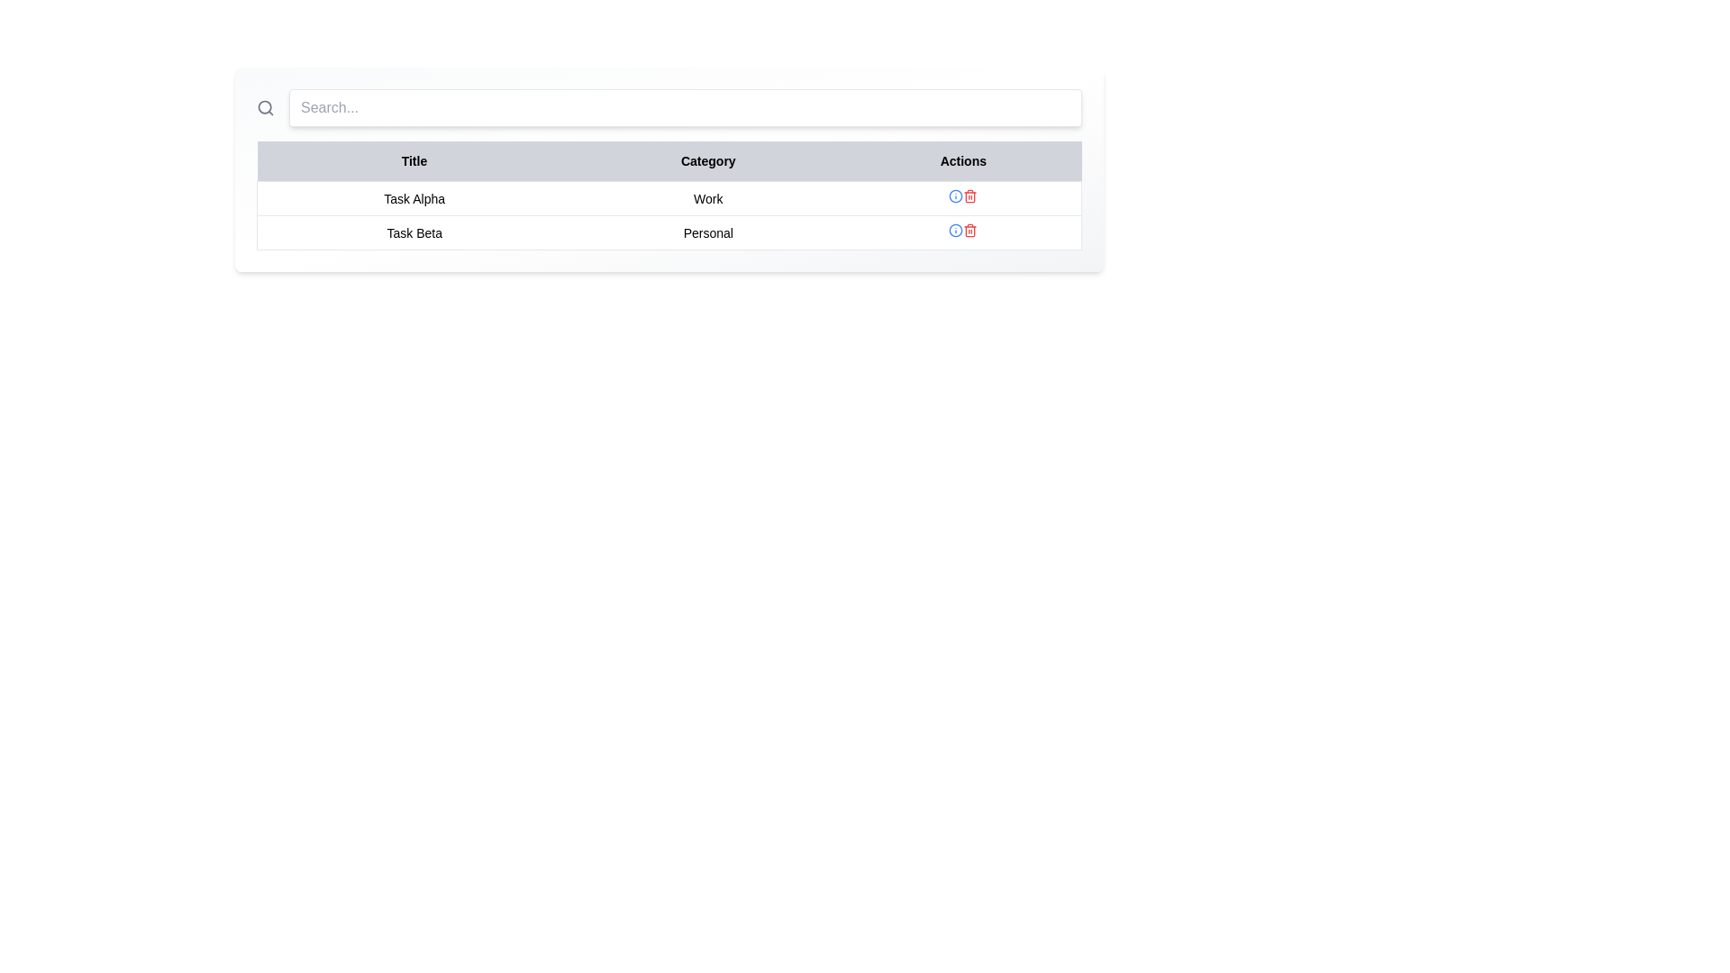 The width and height of the screenshot is (1730, 973). Describe the element at coordinates (955, 229) in the screenshot. I see `the button or icon link in the 'Actions' column of the first row of the table` at that location.